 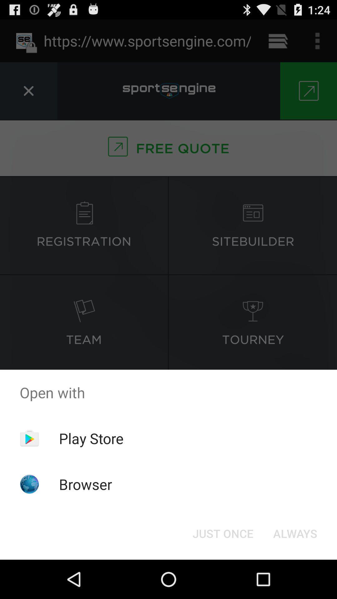 What do you see at coordinates (85, 484) in the screenshot?
I see `the item below play store app` at bounding box center [85, 484].